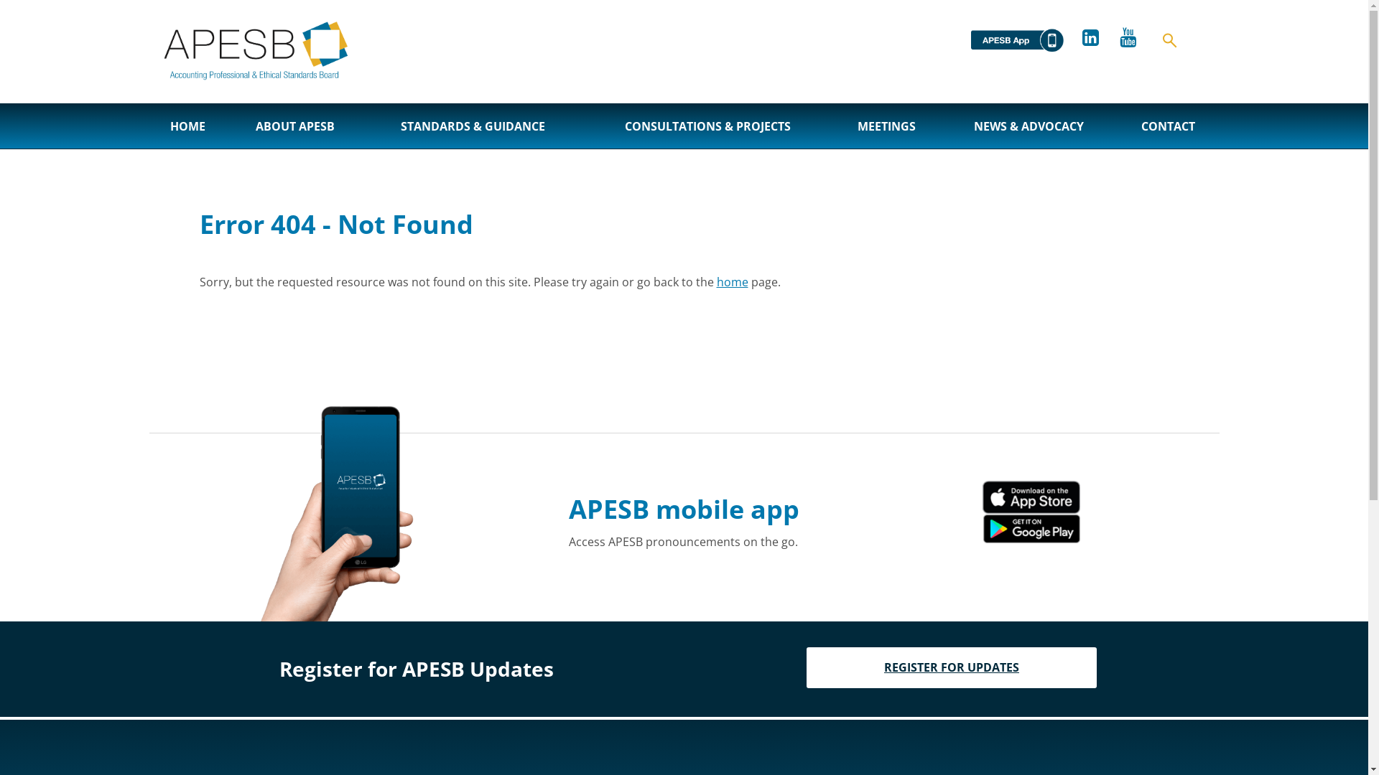 This screenshot has height=775, width=1379. I want to click on 'REGISTER FOR UPDATES', so click(951, 667).